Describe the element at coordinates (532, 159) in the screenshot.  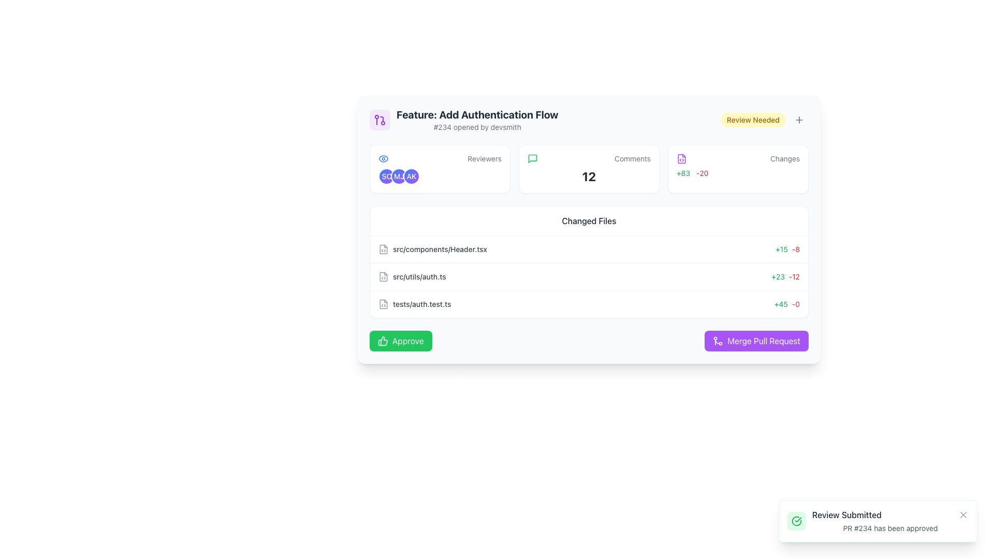
I see `the green speech bubble icon located in the 'Comments' section, which serves as a visual indicator for comments` at that location.